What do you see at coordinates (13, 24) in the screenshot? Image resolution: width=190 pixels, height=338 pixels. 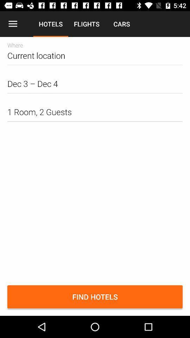 I see `the item above the where item` at bounding box center [13, 24].